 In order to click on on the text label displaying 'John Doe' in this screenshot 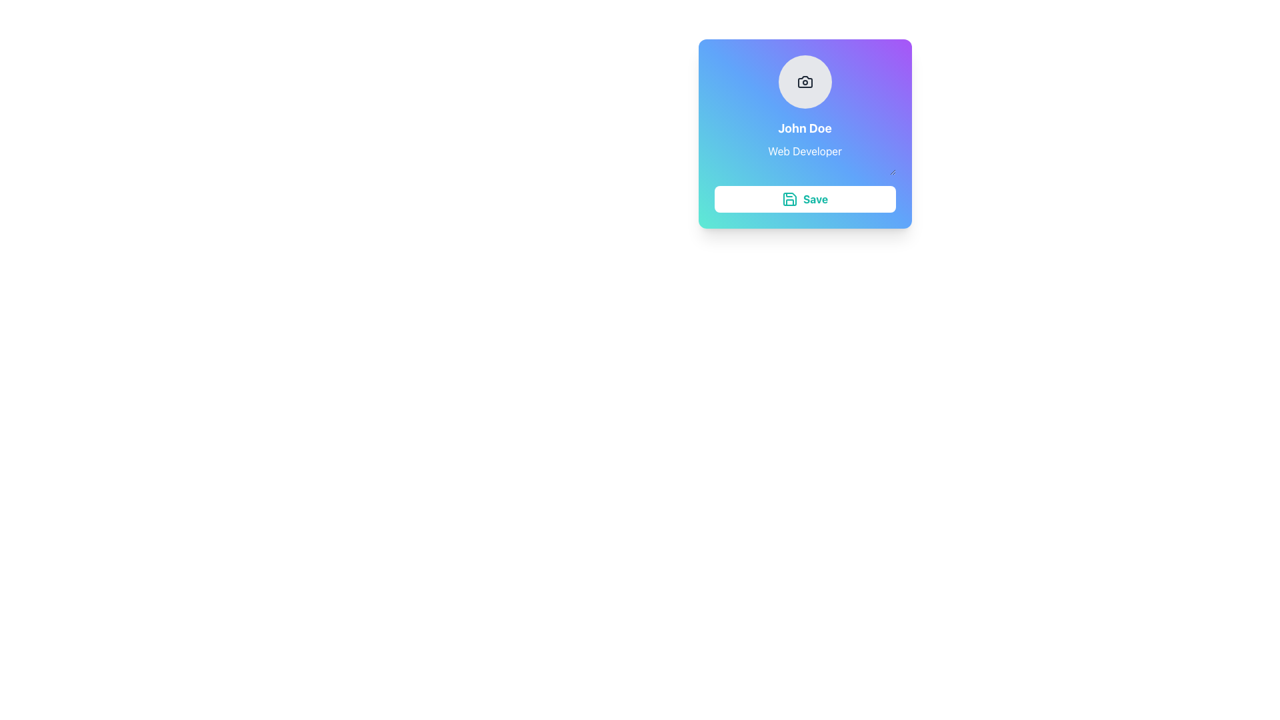, I will do `click(804, 128)`.